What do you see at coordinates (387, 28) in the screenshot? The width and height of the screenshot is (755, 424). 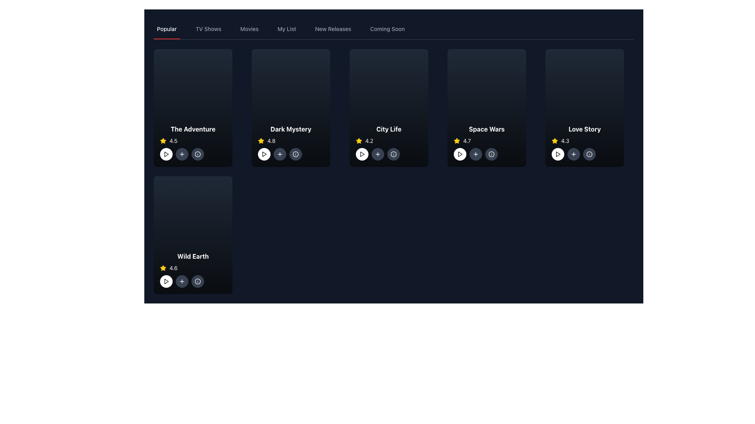 I see `the seventh navigation tab that redirects users to the 'Coming Soon' section` at bounding box center [387, 28].